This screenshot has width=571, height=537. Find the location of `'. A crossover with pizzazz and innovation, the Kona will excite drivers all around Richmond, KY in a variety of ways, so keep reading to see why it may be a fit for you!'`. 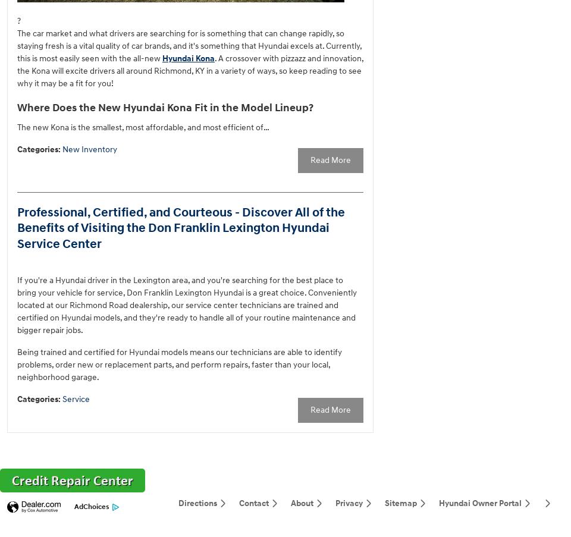

'. A crossover with pizzazz and innovation, the Kona will excite drivers all around Richmond, KY in a variety of ways, so keep reading to see why it may be a fit for you!' is located at coordinates (190, 70).